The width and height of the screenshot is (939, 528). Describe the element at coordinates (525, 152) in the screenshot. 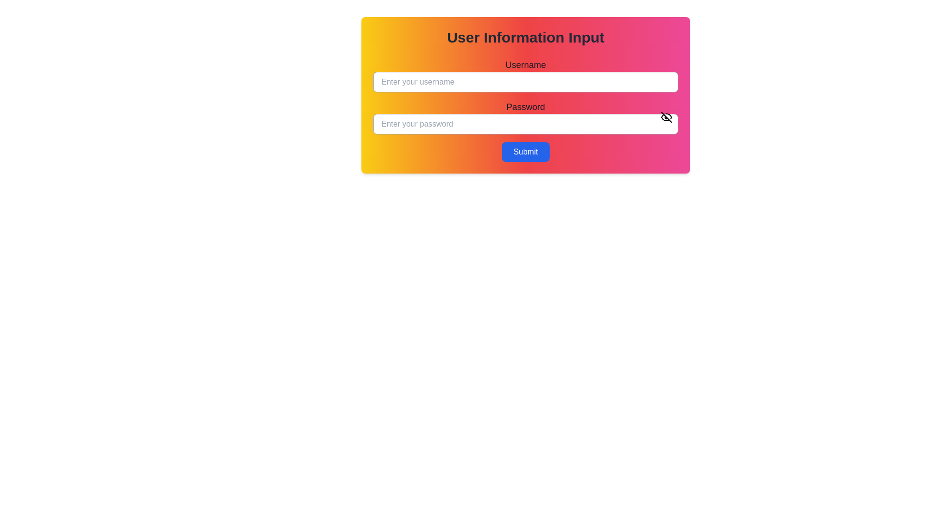

I see `the submission button located at the bottom center of the form` at that location.